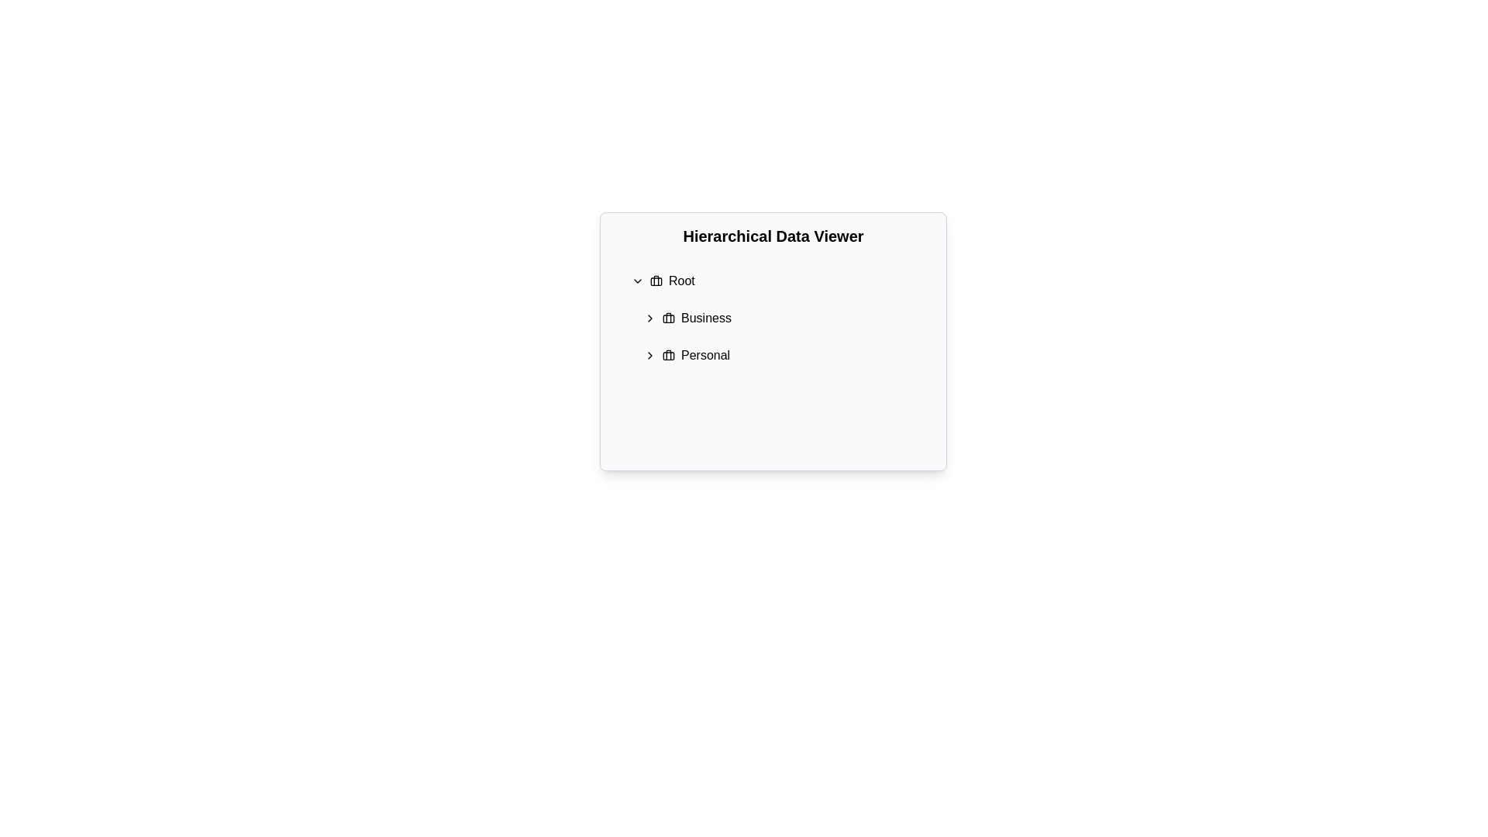 This screenshot has width=1488, height=837. Describe the element at coordinates (656, 281) in the screenshot. I see `the briefcase icon component located to the left of the 'Root' text item in the hierarchical tree structure` at that location.